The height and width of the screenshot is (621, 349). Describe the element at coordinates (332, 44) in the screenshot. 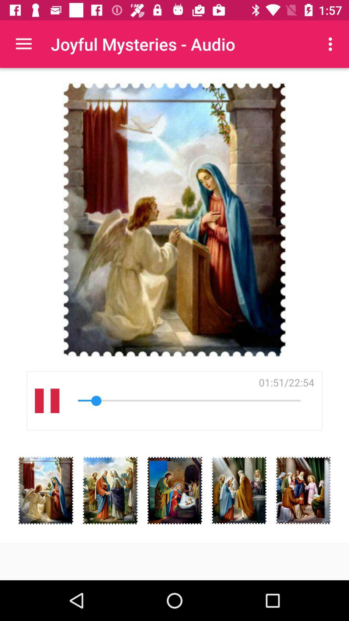

I see `icon next to the joyful mysteries - audio item` at that location.